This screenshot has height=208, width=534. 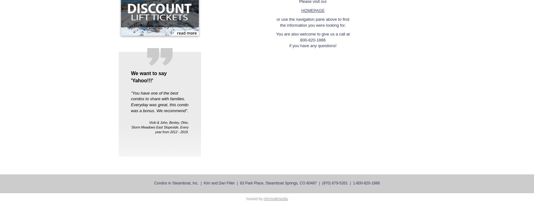 What do you see at coordinates (278, 183) in the screenshot?
I see `'63 Park Place, Steamboat Springs, CO 80487'` at bounding box center [278, 183].